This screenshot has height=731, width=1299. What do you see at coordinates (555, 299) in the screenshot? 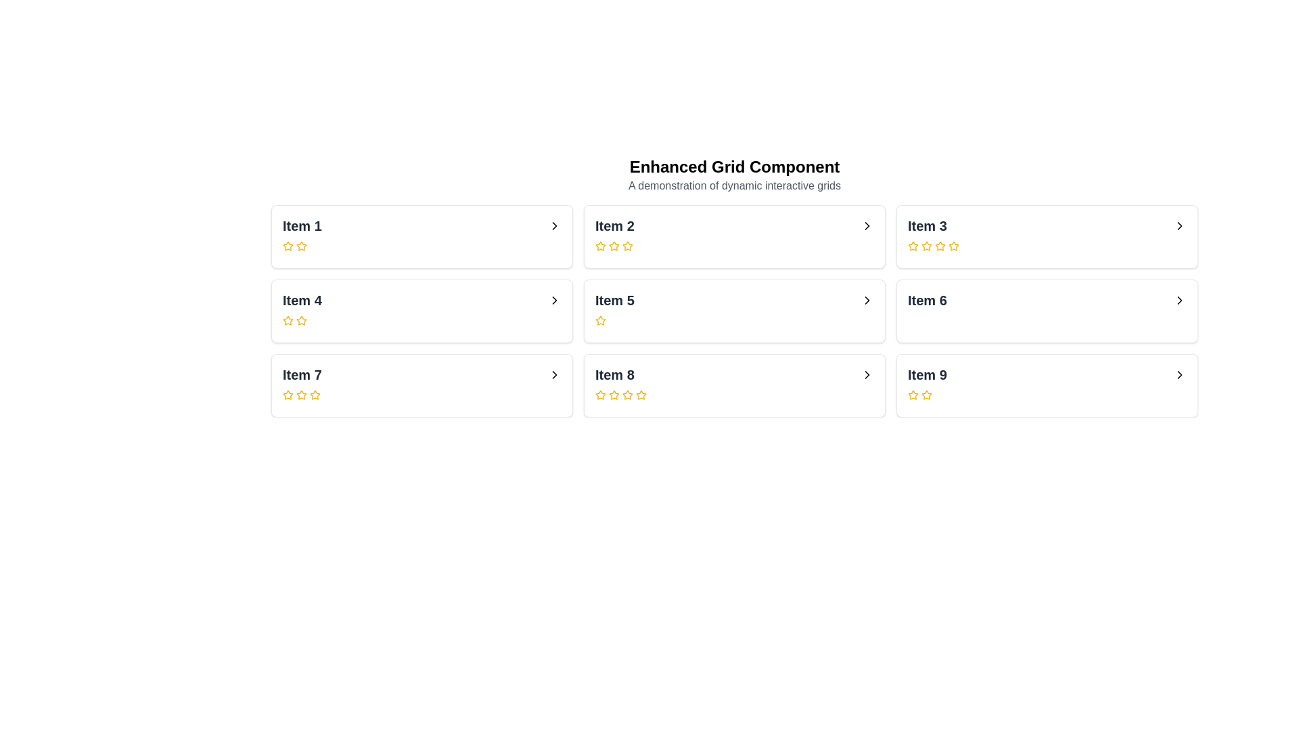
I see `the chevron icon located at the far-right section of the card labeled 'Item 4'` at bounding box center [555, 299].